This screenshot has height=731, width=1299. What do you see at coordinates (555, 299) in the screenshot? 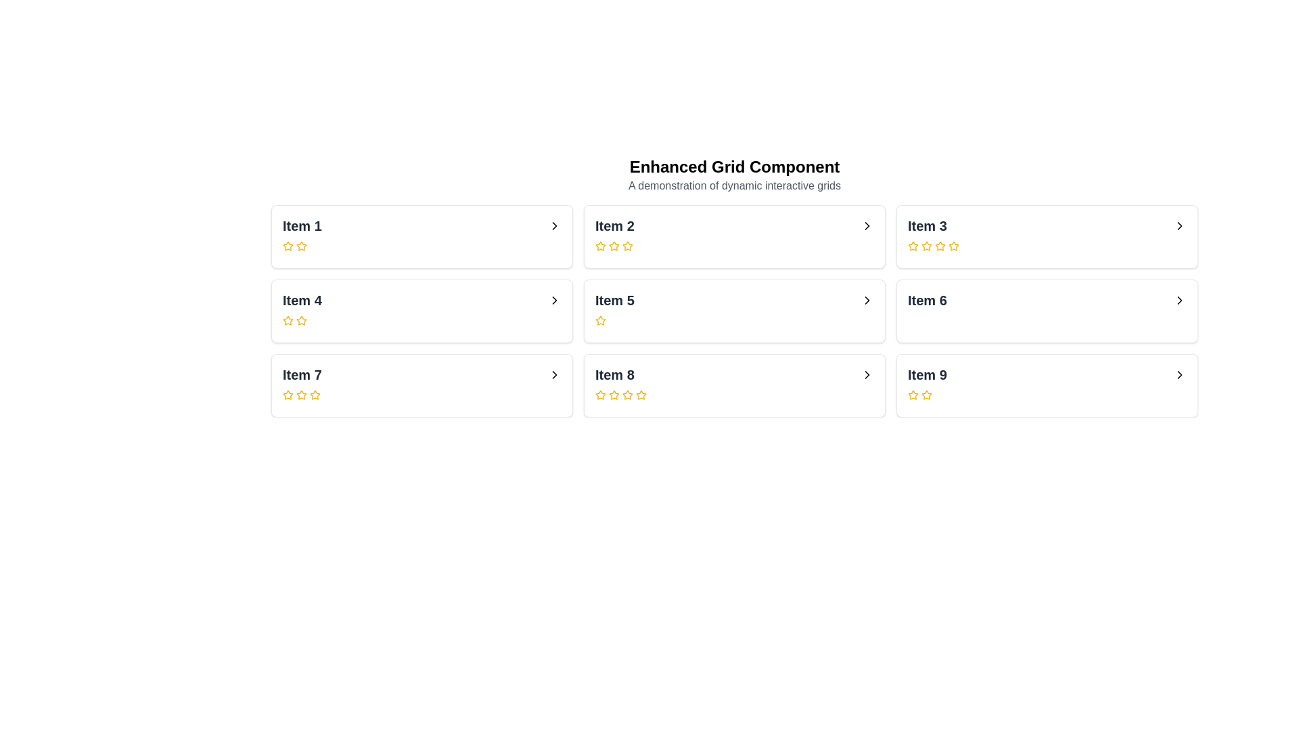
I see `the chevron icon located at the far-right section of the card labeled 'Item 4'` at bounding box center [555, 299].